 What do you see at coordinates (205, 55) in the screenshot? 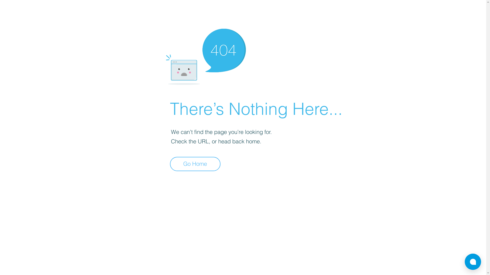
I see `'404-icon_2.png'` at bounding box center [205, 55].